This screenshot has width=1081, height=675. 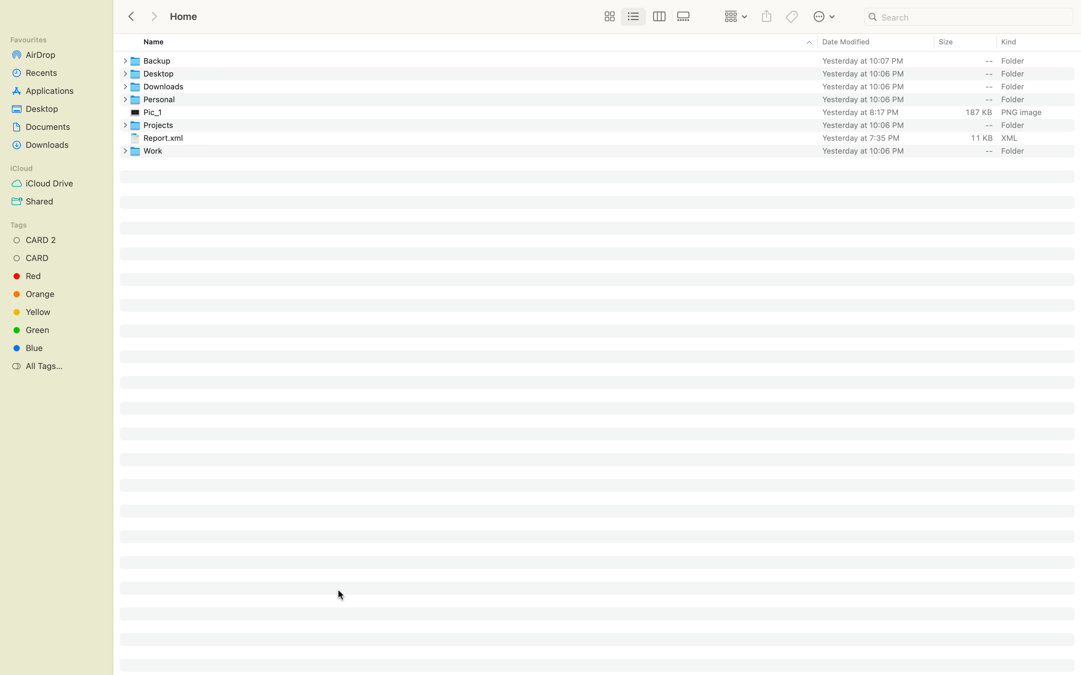 What do you see at coordinates (605, 99) in the screenshot?
I see `Visit the Personal directory, then back out to the folder you were in before` at bounding box center [605, 99].